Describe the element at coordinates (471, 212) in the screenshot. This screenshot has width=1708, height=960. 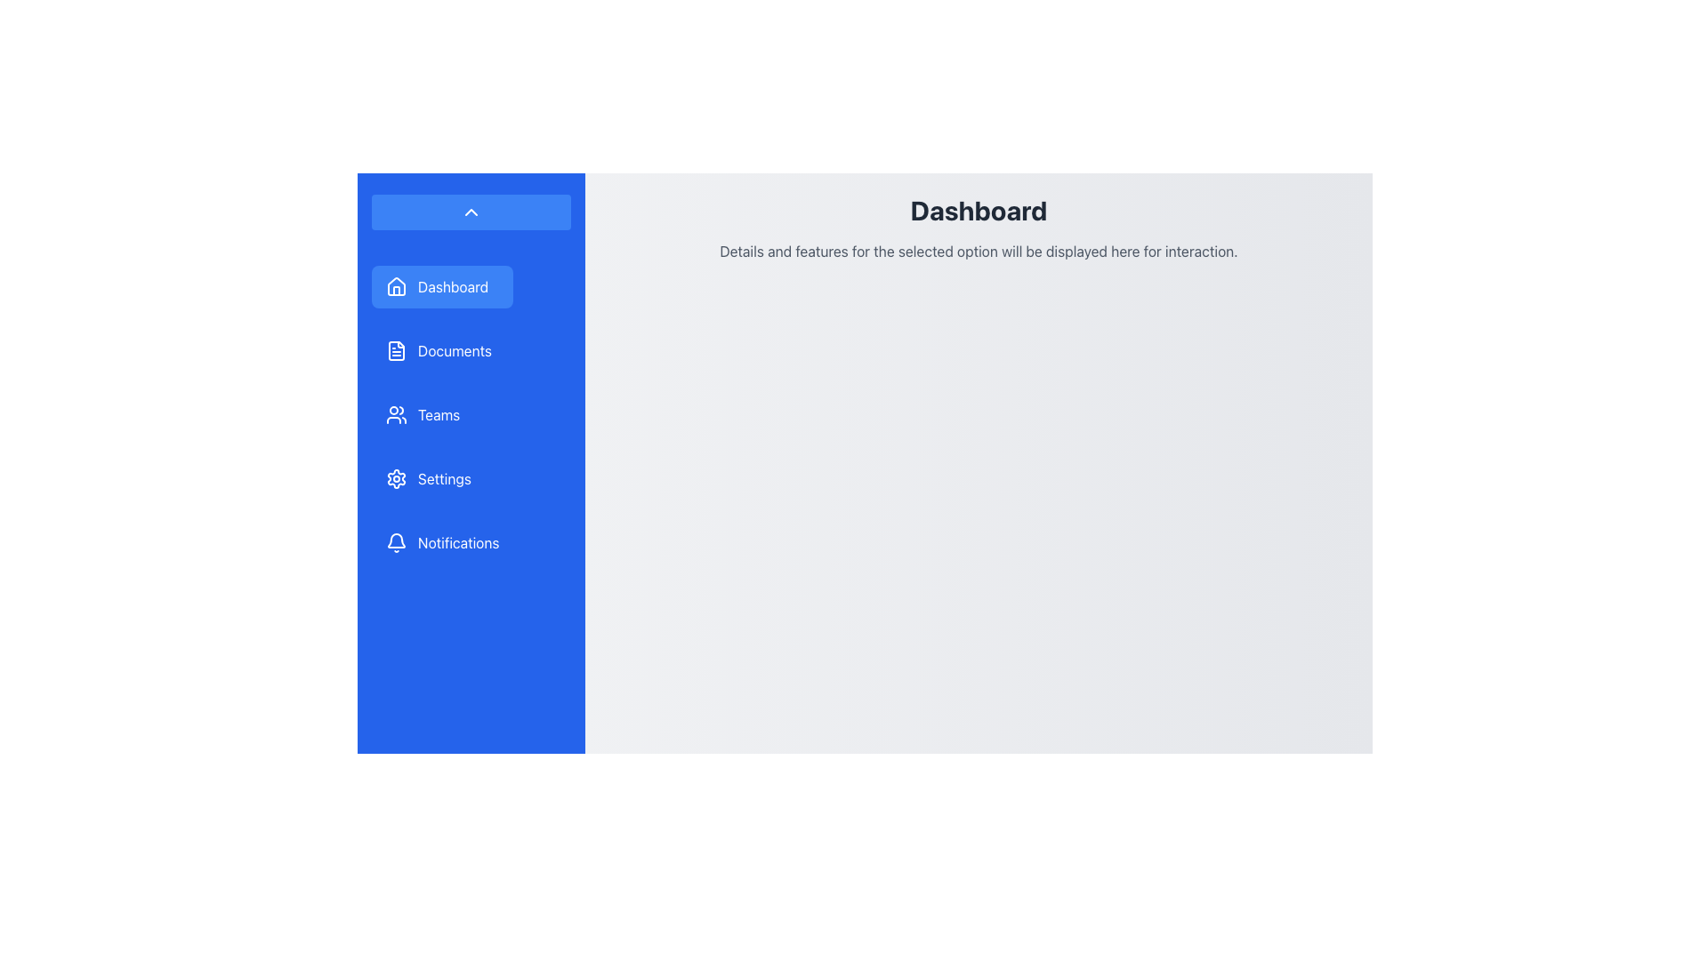
I see `the downward-pointing chevron icon rendered in white, located within a blue rectangular button in the sidebar` at that location.